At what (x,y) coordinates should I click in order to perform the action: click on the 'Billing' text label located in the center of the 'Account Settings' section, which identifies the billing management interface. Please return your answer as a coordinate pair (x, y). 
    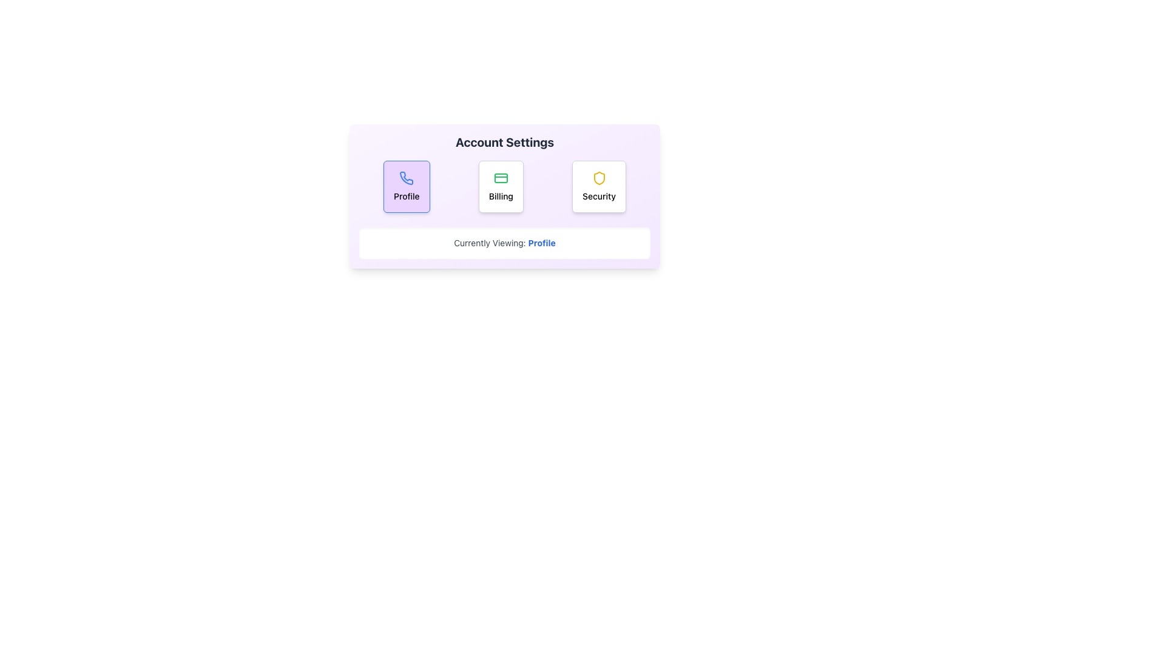
    Looking at the image, I should click on (501, 196).